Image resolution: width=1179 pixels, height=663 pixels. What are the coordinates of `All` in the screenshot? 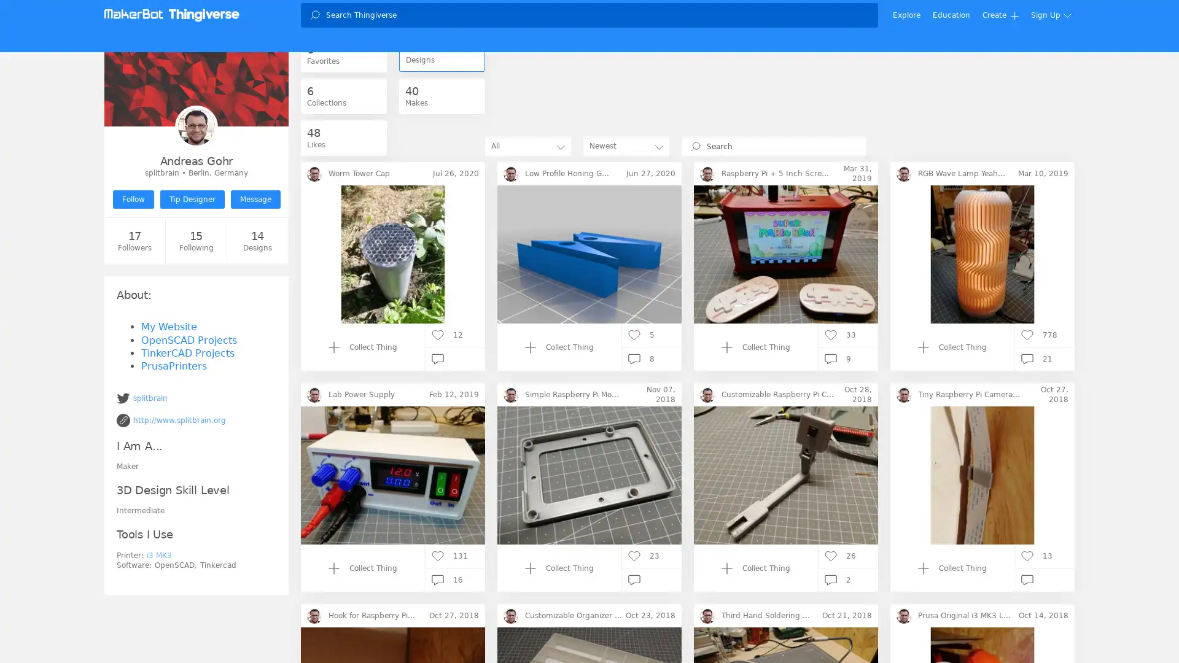 It's located at (527, 146).